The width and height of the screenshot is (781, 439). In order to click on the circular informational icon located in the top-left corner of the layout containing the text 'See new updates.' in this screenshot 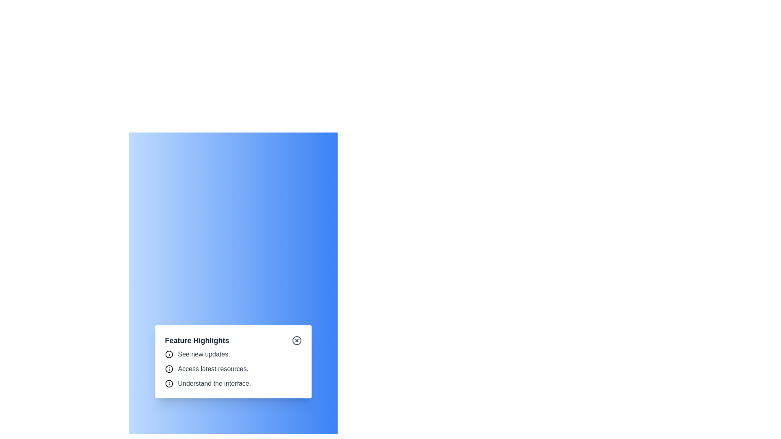, I will do `click(168, 354)`.